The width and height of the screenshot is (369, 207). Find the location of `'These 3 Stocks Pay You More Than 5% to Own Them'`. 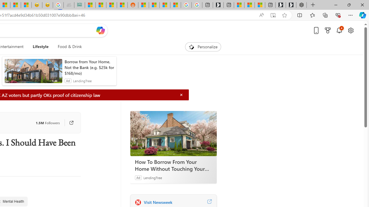

'These 3 Stocks Pay You More Than 5% to Own Them' is located at coordinates (259, 5).